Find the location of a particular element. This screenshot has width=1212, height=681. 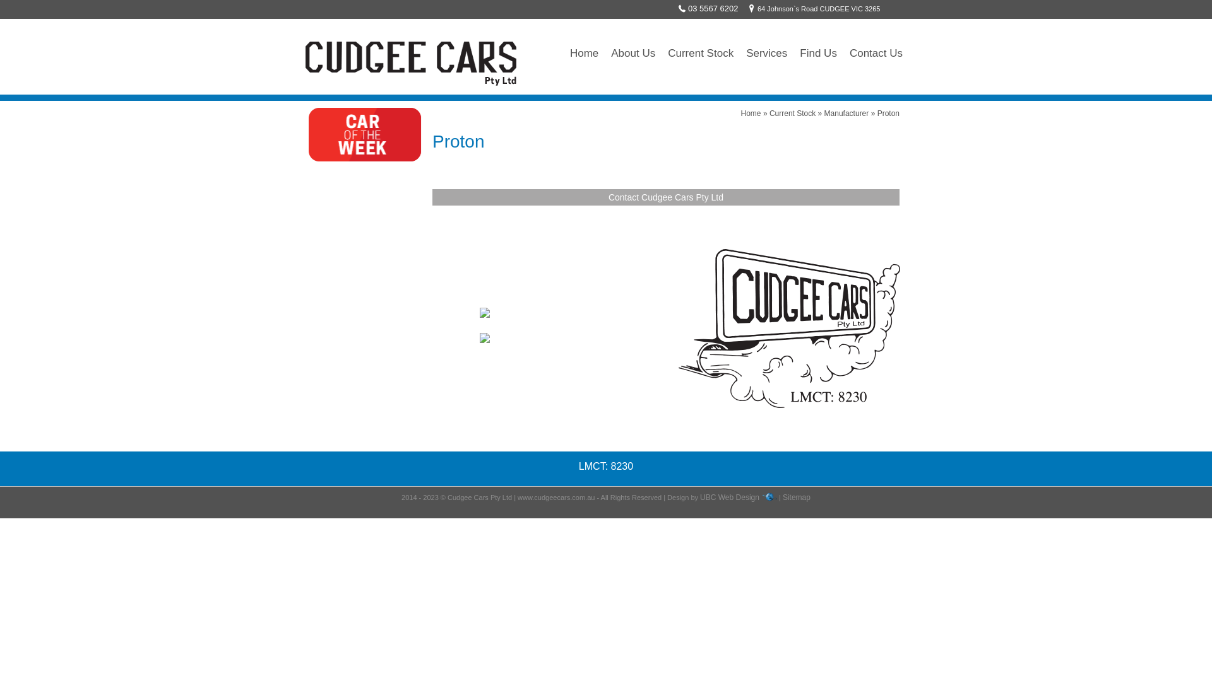

'Contact Us' is located at coordinates (843, 52).